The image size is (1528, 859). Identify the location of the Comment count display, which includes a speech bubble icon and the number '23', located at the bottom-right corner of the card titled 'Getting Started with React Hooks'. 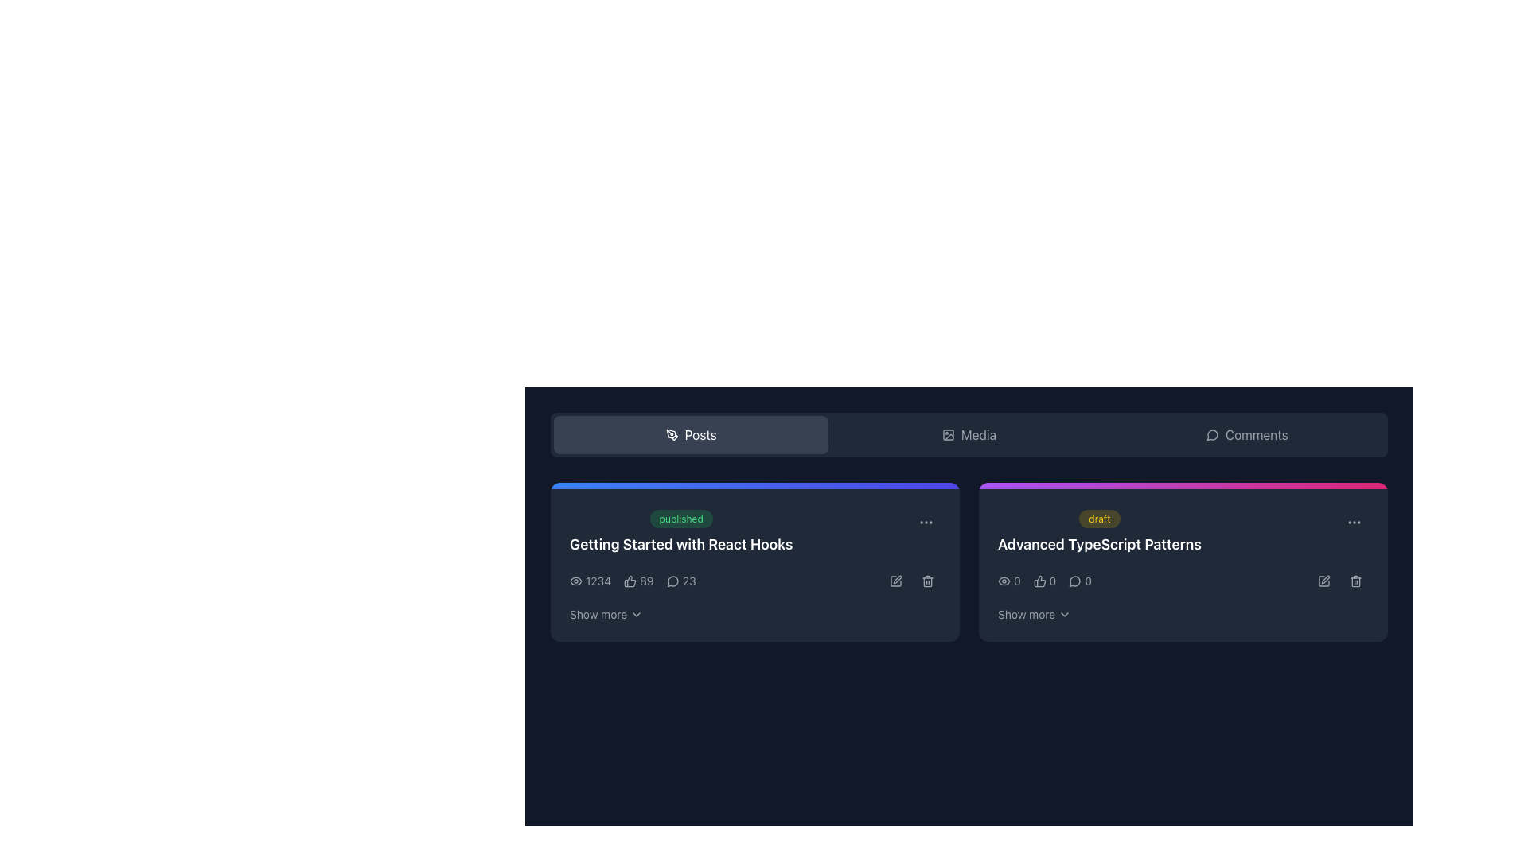
(681, 581).